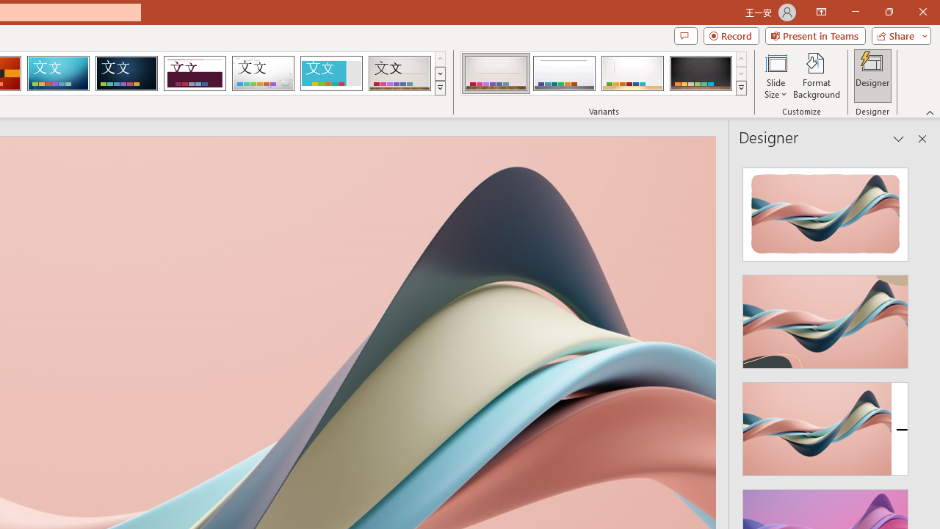  Describe the element at coordinates (496, 73) in the screenshot. I see `'Gallery Variant 1'` at that location.